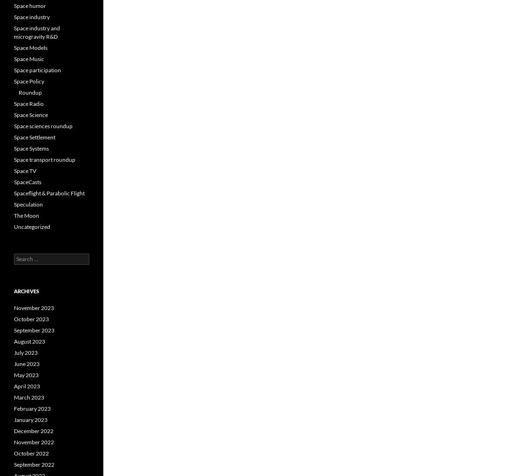  Describe the element at coordinates (13, 453) in the screenshot. I see `'October 2022'` at that location.